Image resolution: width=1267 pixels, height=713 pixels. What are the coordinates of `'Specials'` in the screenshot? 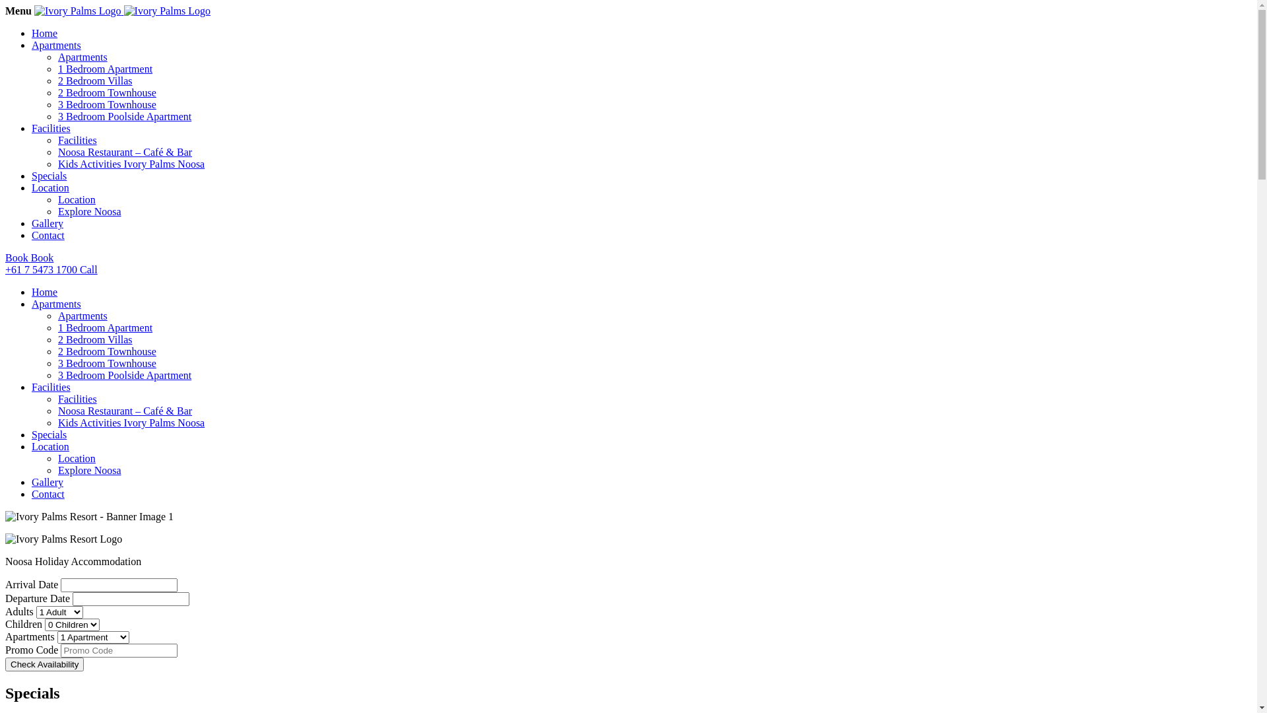 It's located at (49, 175).